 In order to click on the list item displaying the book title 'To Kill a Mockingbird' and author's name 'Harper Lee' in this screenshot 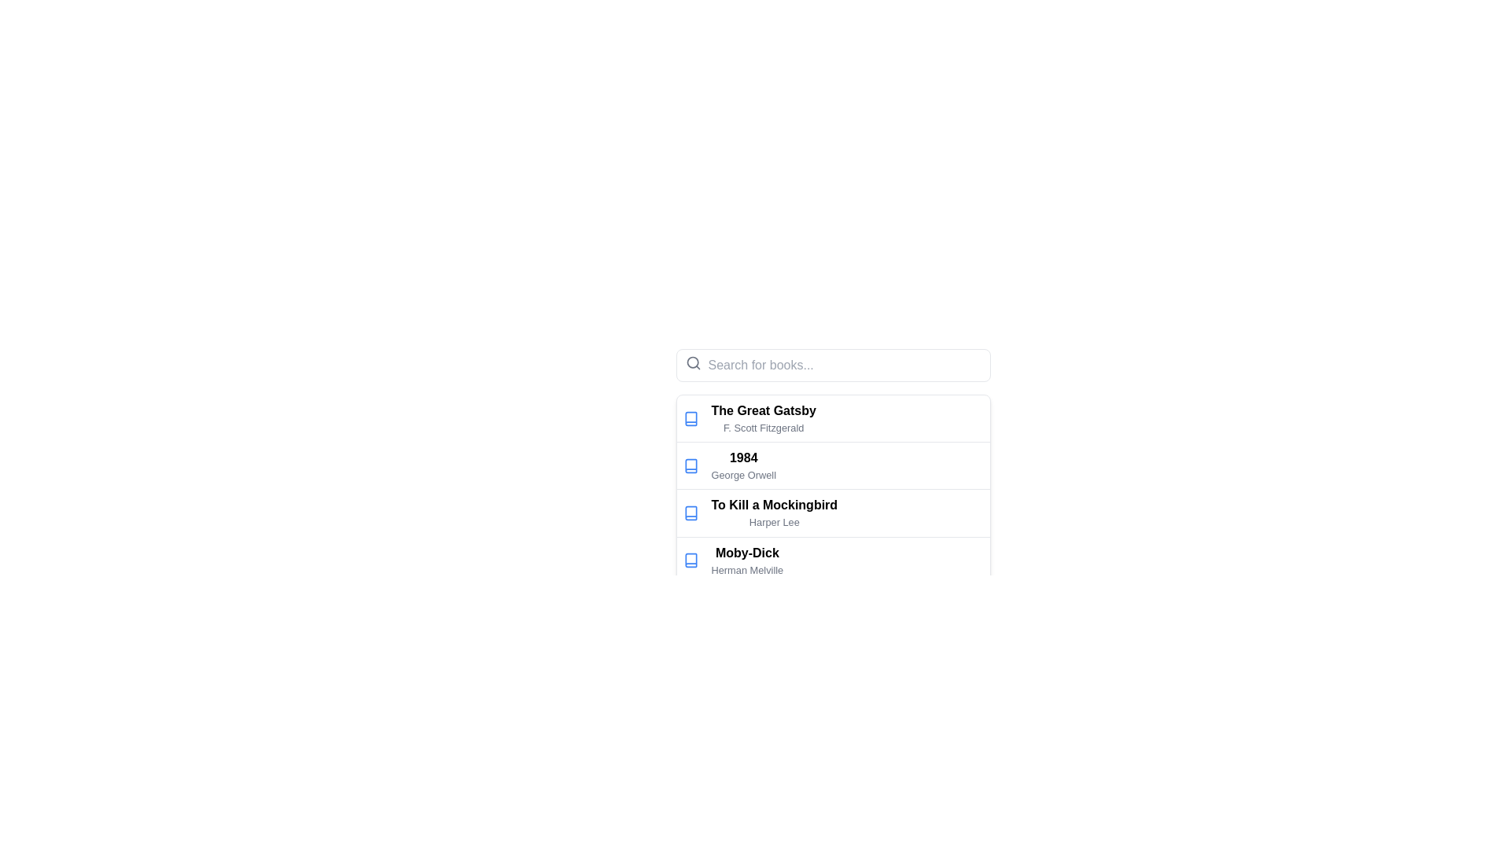, I will do `click(832, 513)`.